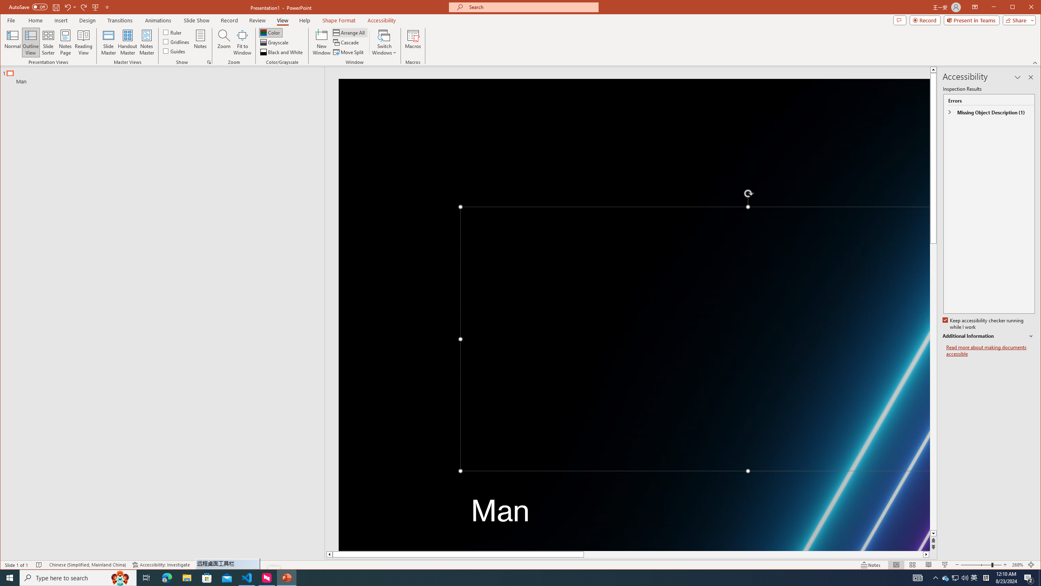 The height and width of the screenshot is (586, 1041). What do you see at coordinates (350, 33) in the screenshot?
I see `'Arrange All'` at bounding box center [350, 33].